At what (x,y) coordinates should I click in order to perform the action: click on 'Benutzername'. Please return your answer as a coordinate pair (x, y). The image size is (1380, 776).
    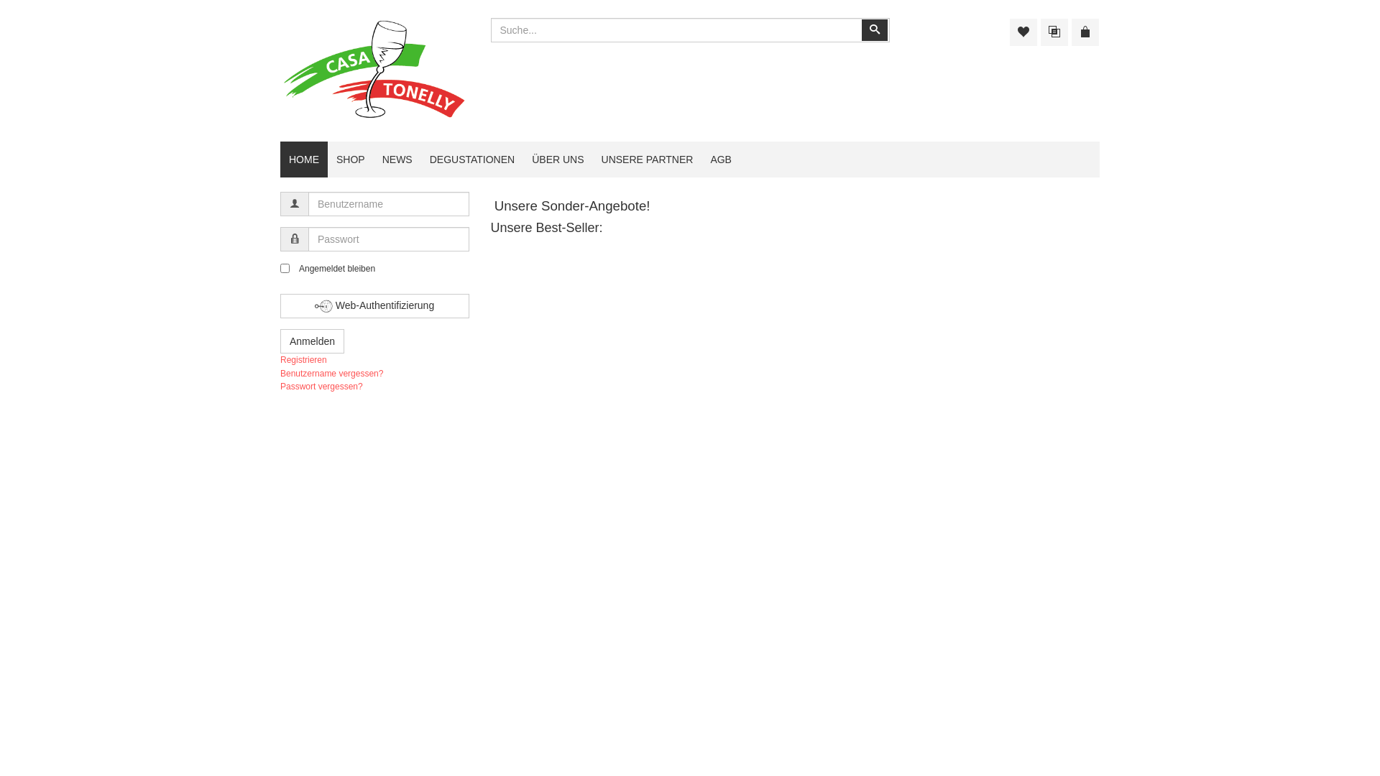
    Looking at the image, I should click on (293, 204).